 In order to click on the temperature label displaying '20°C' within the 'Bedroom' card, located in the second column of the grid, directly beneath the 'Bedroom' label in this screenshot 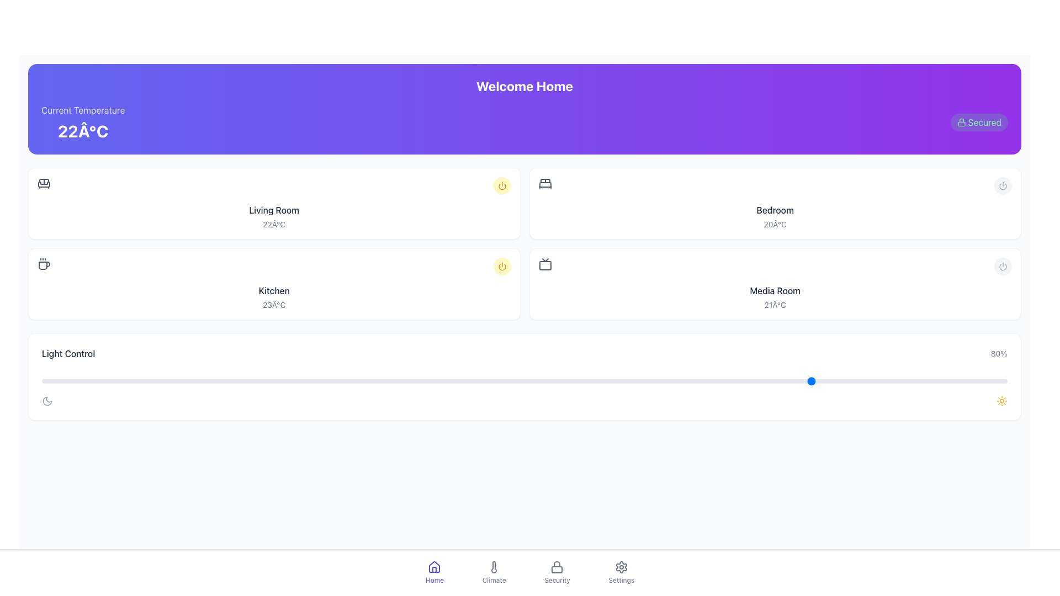, I will do `click(775, 224)`.